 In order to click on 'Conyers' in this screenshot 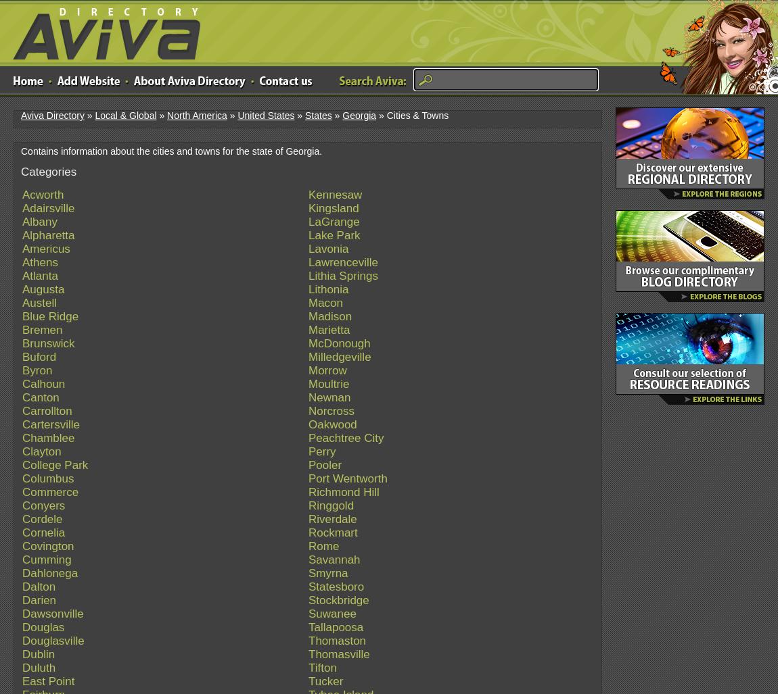, I will do `click(43, 505)`.